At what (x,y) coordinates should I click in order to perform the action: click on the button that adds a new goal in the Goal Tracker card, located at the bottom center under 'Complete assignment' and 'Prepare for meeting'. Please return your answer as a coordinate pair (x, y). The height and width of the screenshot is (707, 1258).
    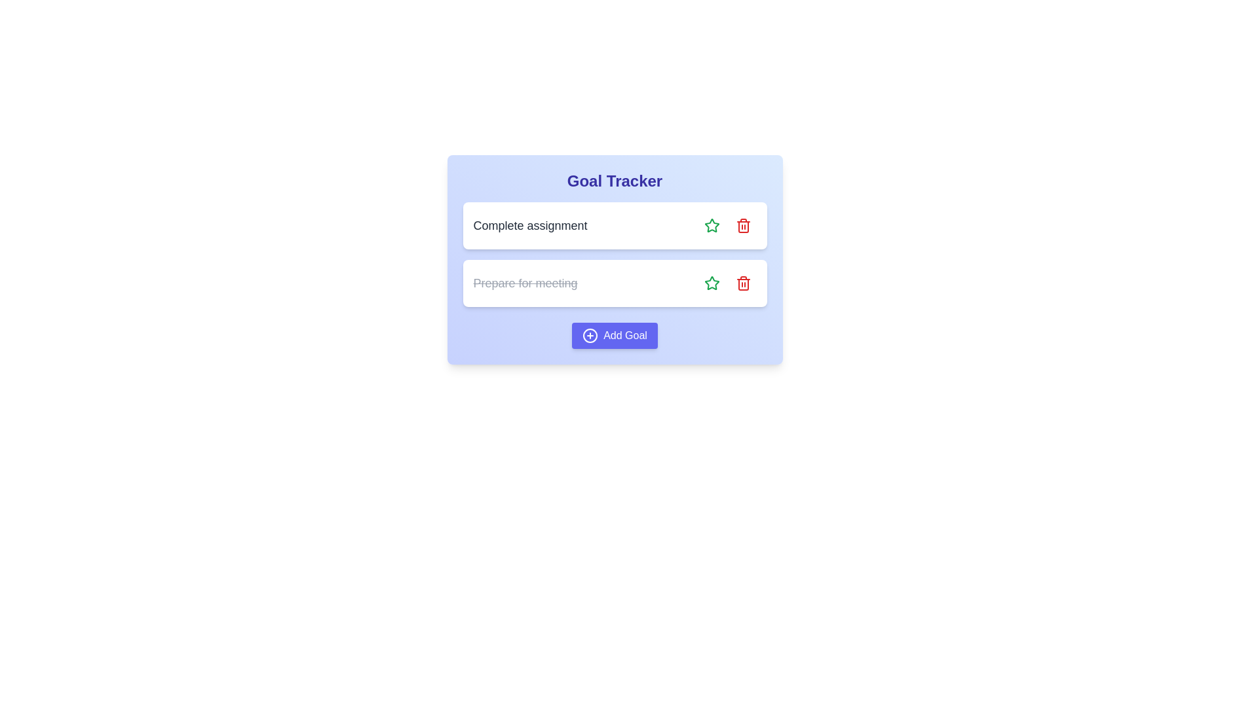
    Looking at the image, I should click on (614, 335).